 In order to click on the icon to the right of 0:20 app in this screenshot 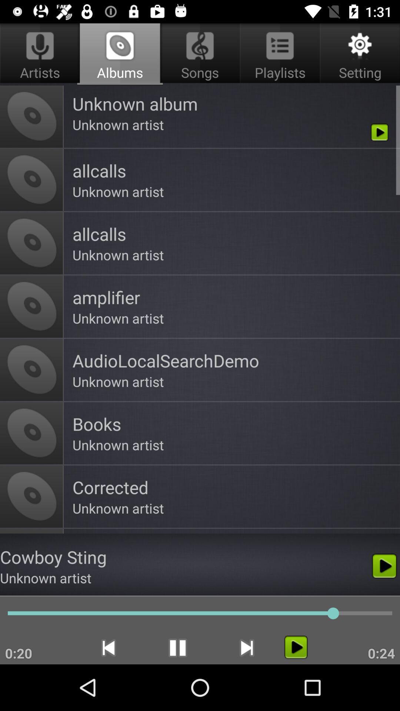, I will do `click(108, 647)`.